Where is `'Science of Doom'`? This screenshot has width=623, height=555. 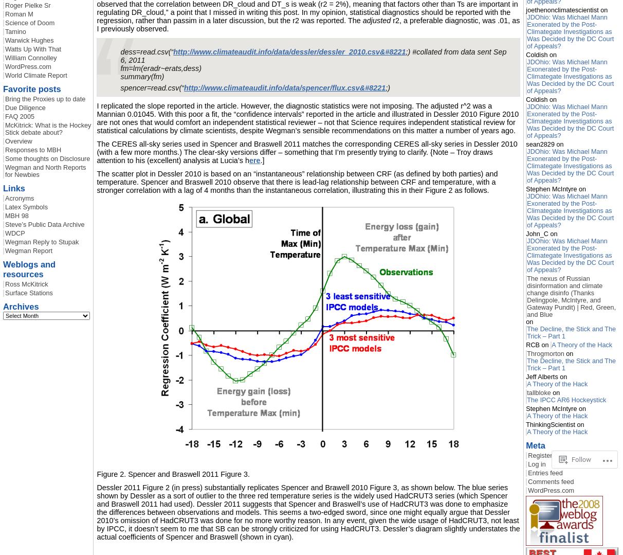
'Science of Doom' is located at coordinates (29, 22).